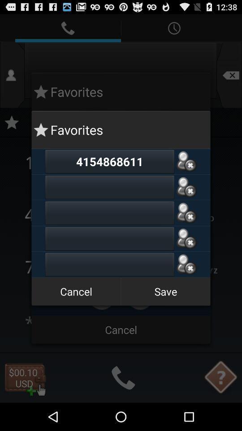 This screenshot has width=242, height=431. What do you see at coordinates (186, 238) in the screenshot?
I see `delete favorite` at bounding box center [186, 238].